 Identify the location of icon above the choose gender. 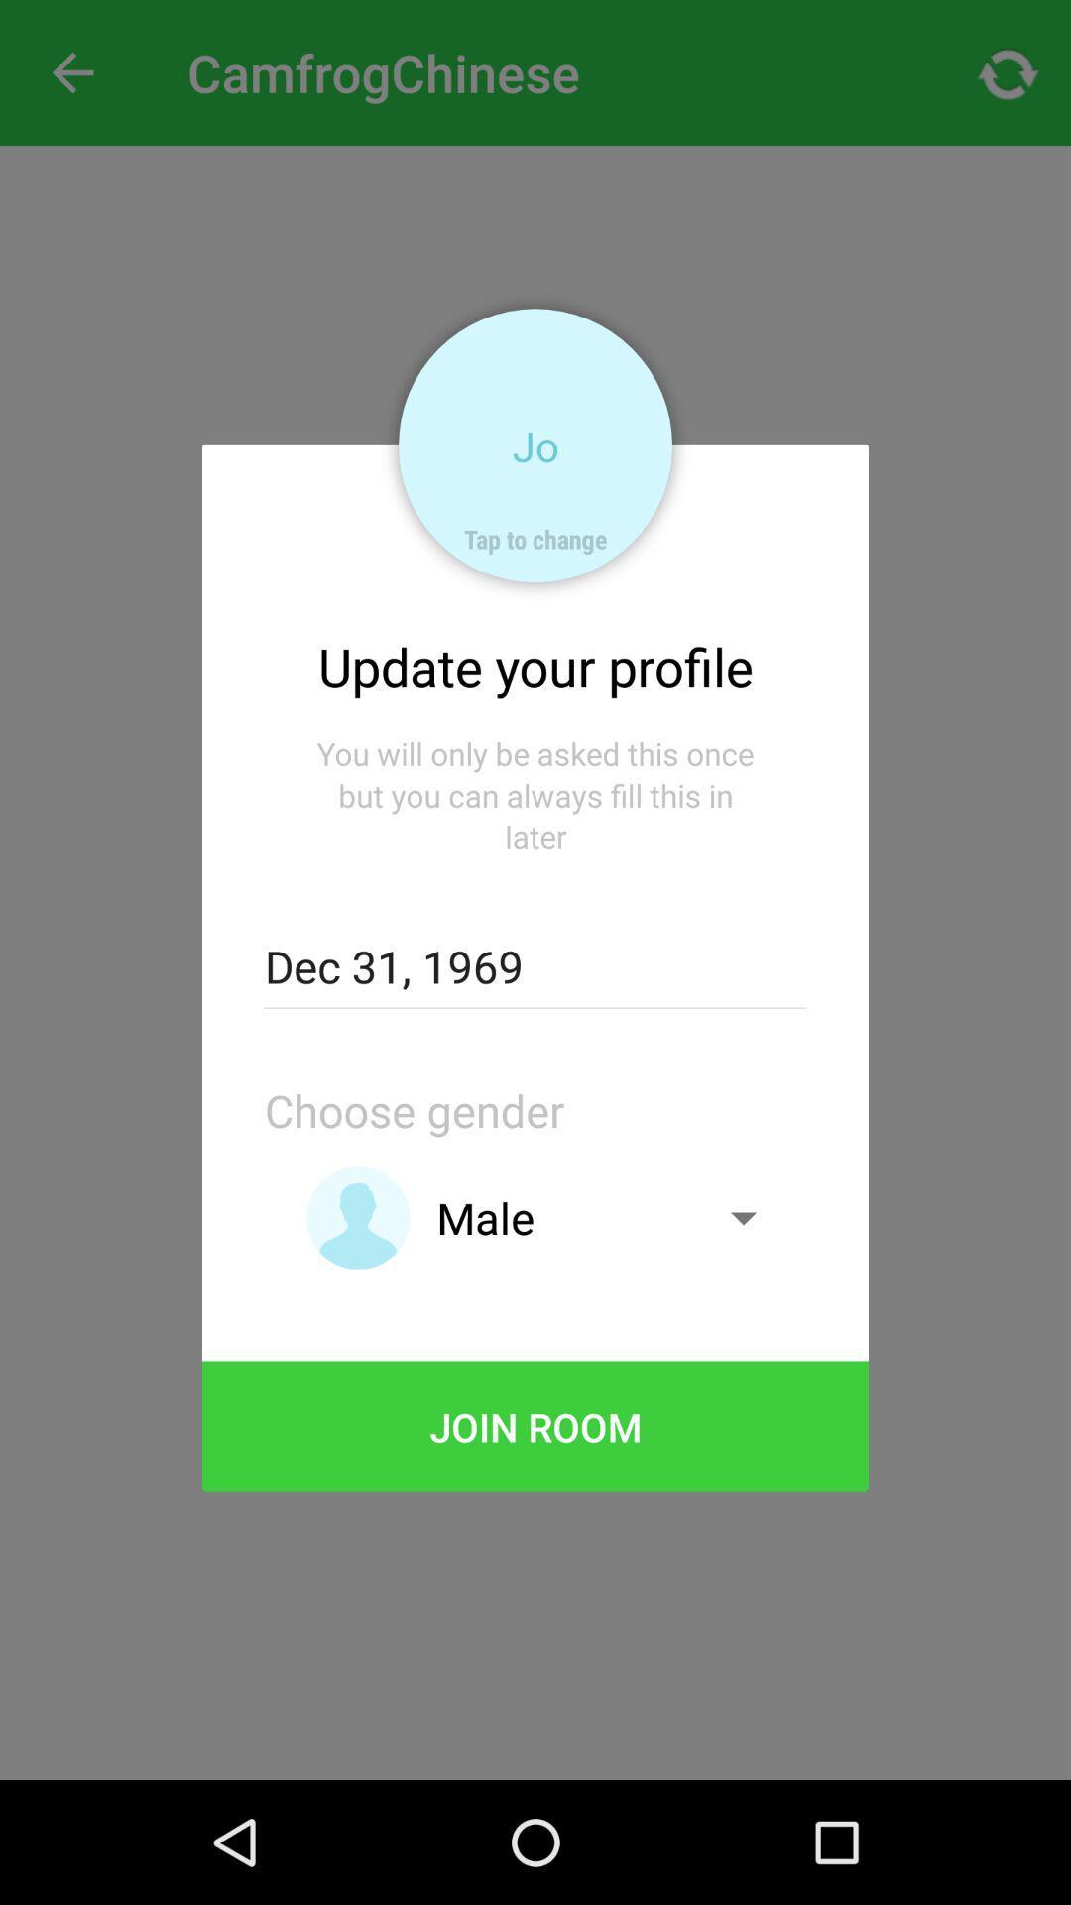
(535, 966).